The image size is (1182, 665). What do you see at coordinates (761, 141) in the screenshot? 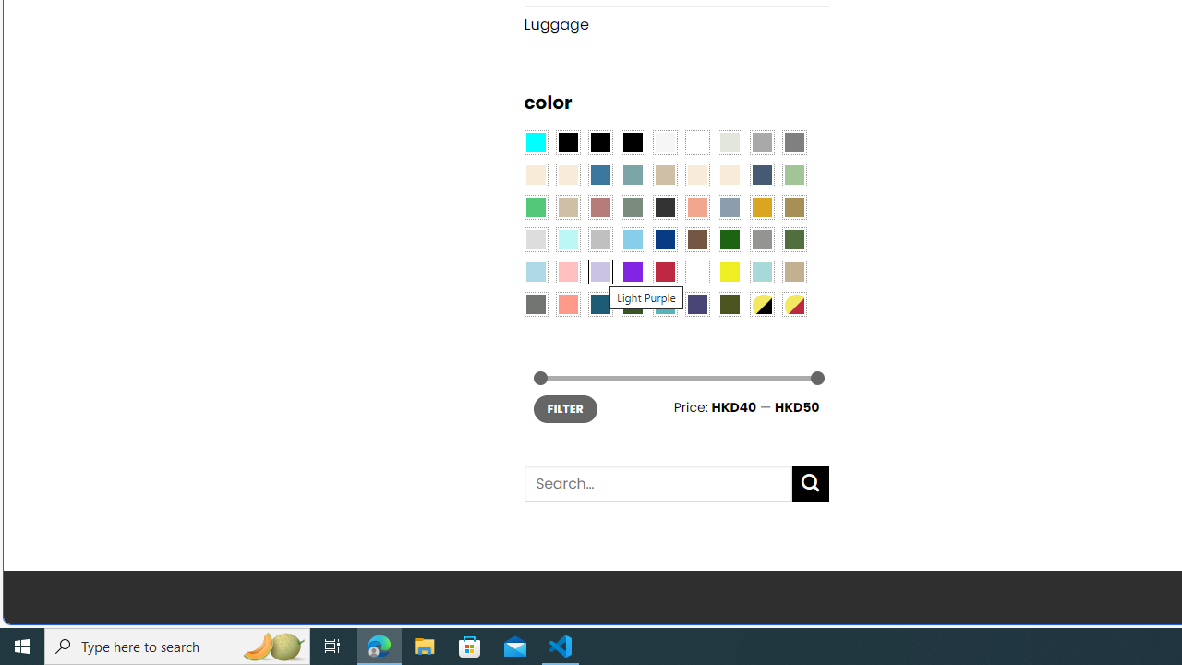
I see `'Dark Gray'` at bounding box center [761, 141].